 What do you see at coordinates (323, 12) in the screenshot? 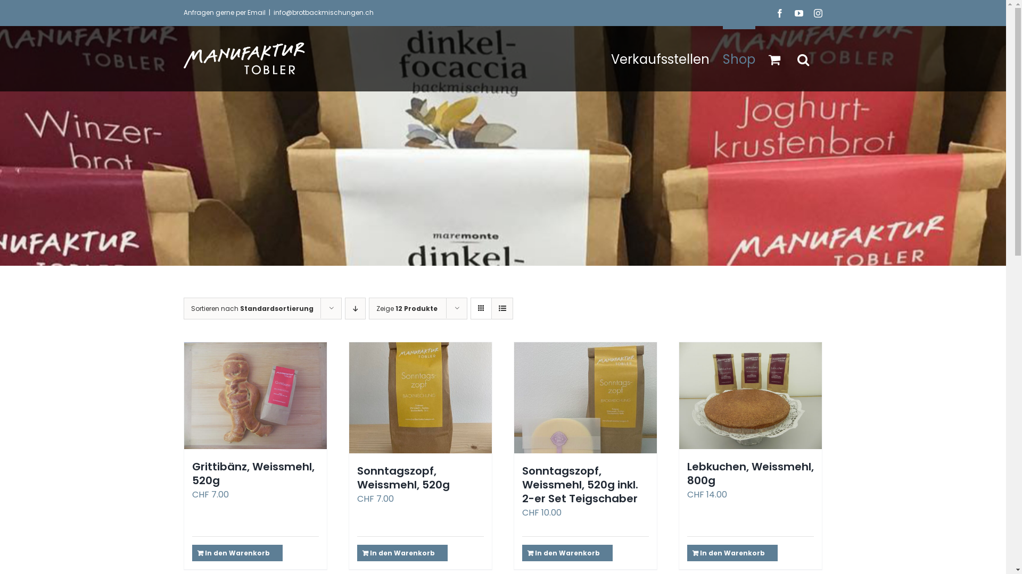
I see `'info@brotbackmischungen.ch'` at bounding box center [323, 12].